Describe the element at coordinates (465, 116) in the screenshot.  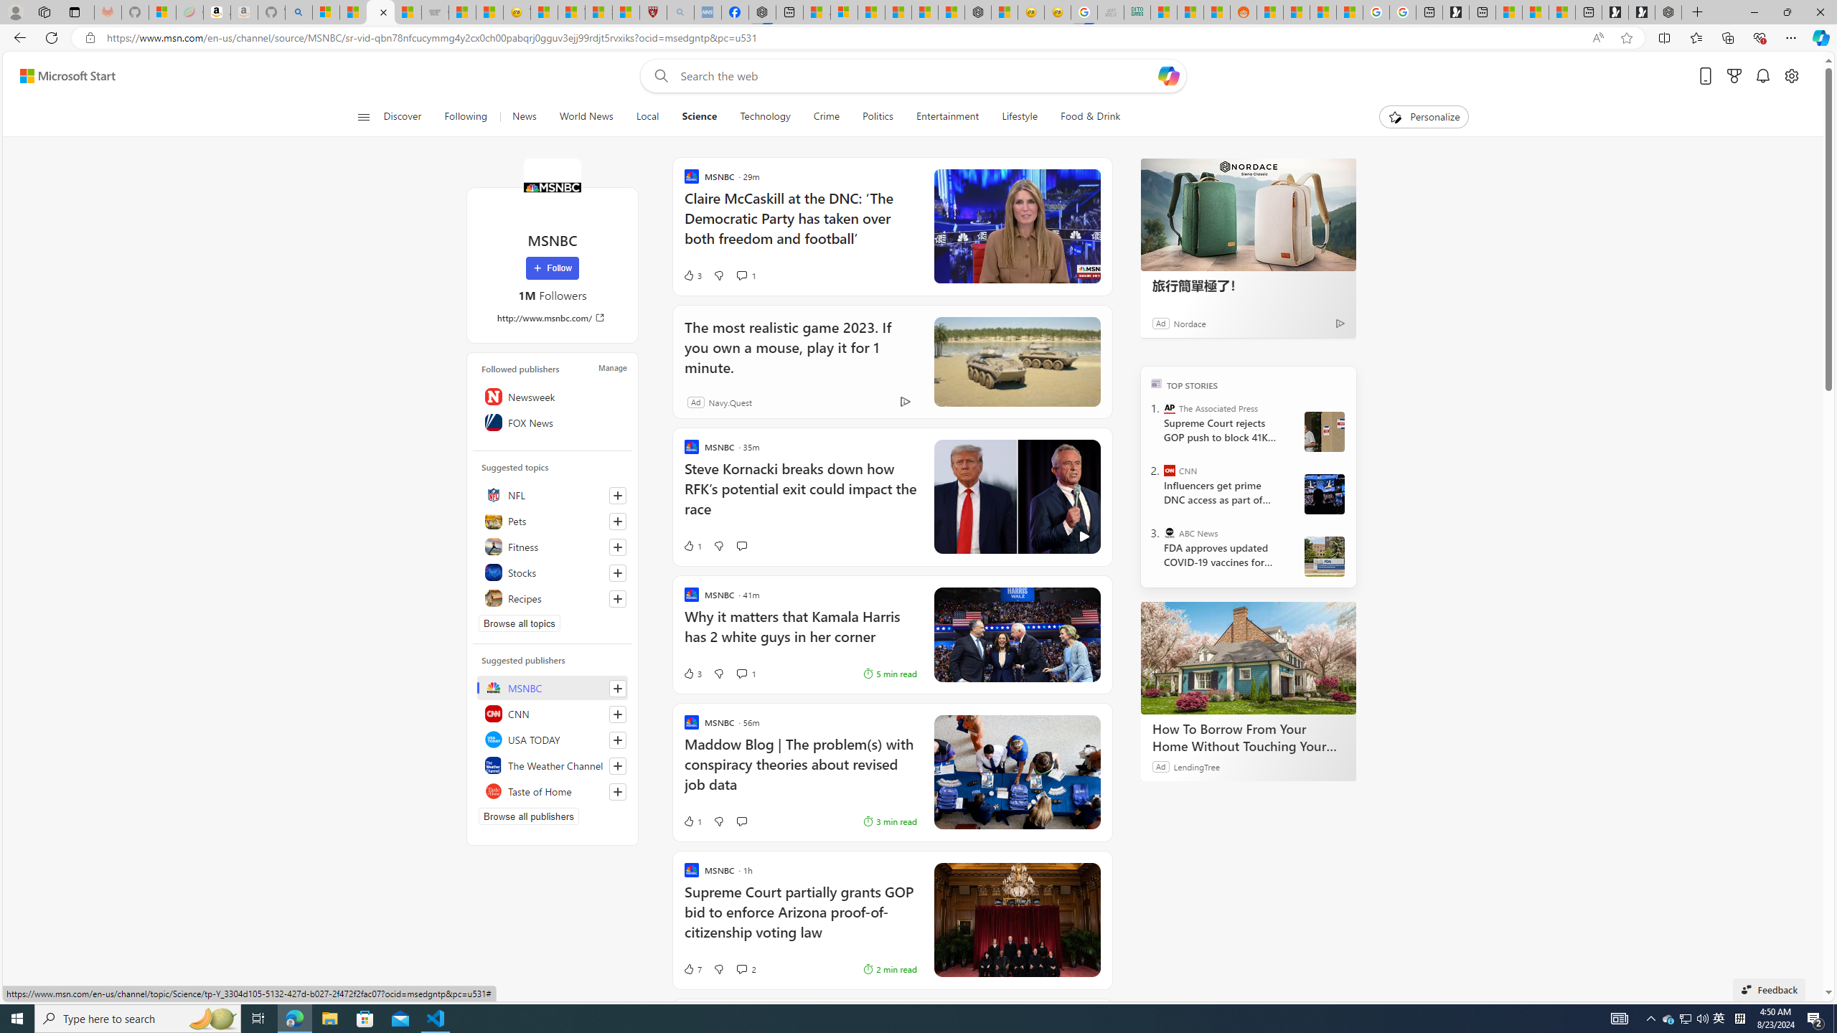
I see `'Following'` at that location.